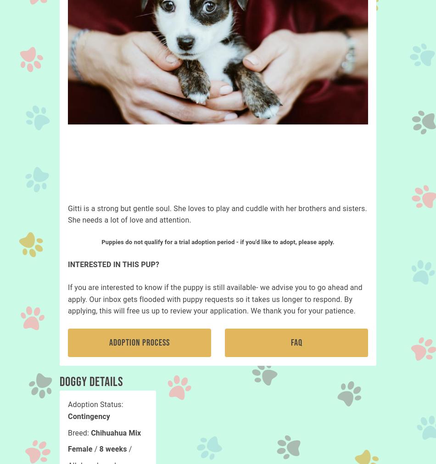  I want to click on 'INTERESTED IN THIS PUP?', so click(113, 264).